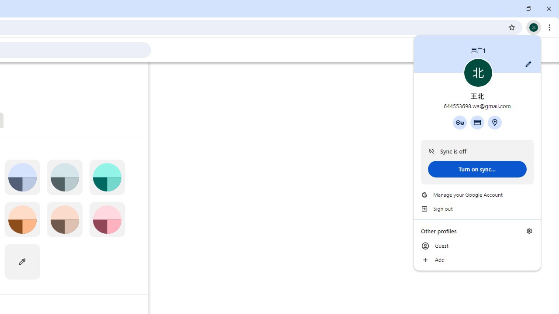 Image resolution: width=559 pixels, height=314 pixels. Describe the element at coordinates (529, 230) in the screenshot. I see `'Manage profiles'` at that location.